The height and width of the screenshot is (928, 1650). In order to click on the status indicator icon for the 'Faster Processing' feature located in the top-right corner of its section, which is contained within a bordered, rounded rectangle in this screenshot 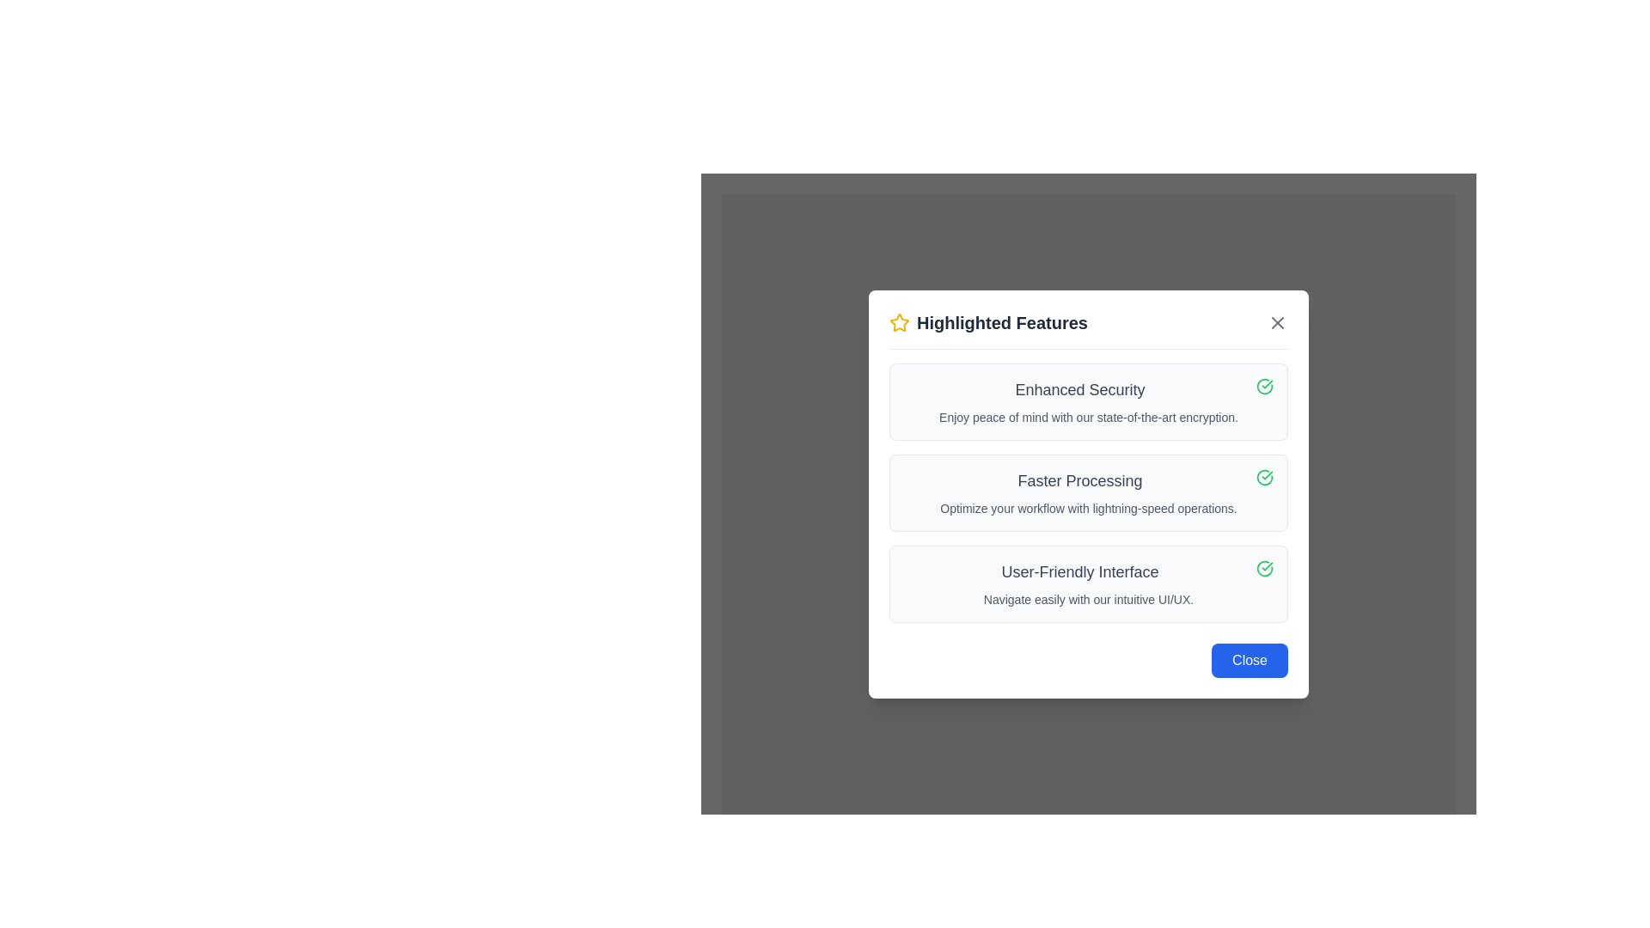, I will do `click(1265, 477)`.